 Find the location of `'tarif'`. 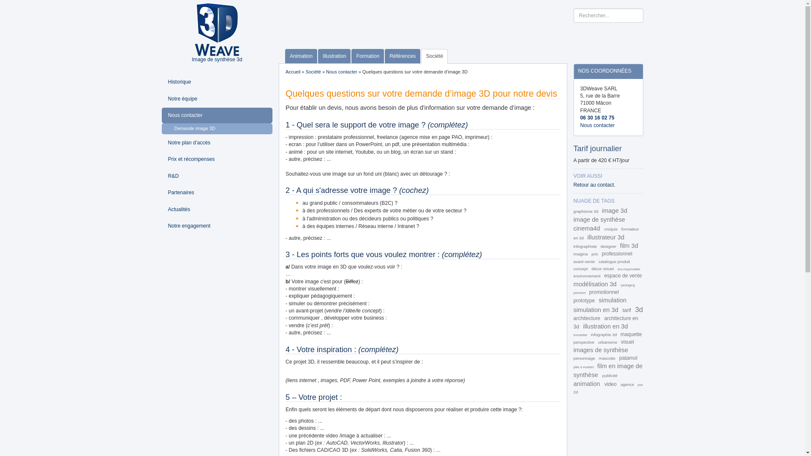

'tarif' is located at coordinates (628, 310).